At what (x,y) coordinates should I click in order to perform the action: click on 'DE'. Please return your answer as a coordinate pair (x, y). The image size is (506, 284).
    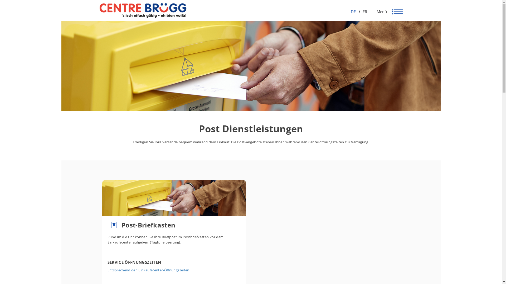
    Looking at the image, I should click on (353, 11).